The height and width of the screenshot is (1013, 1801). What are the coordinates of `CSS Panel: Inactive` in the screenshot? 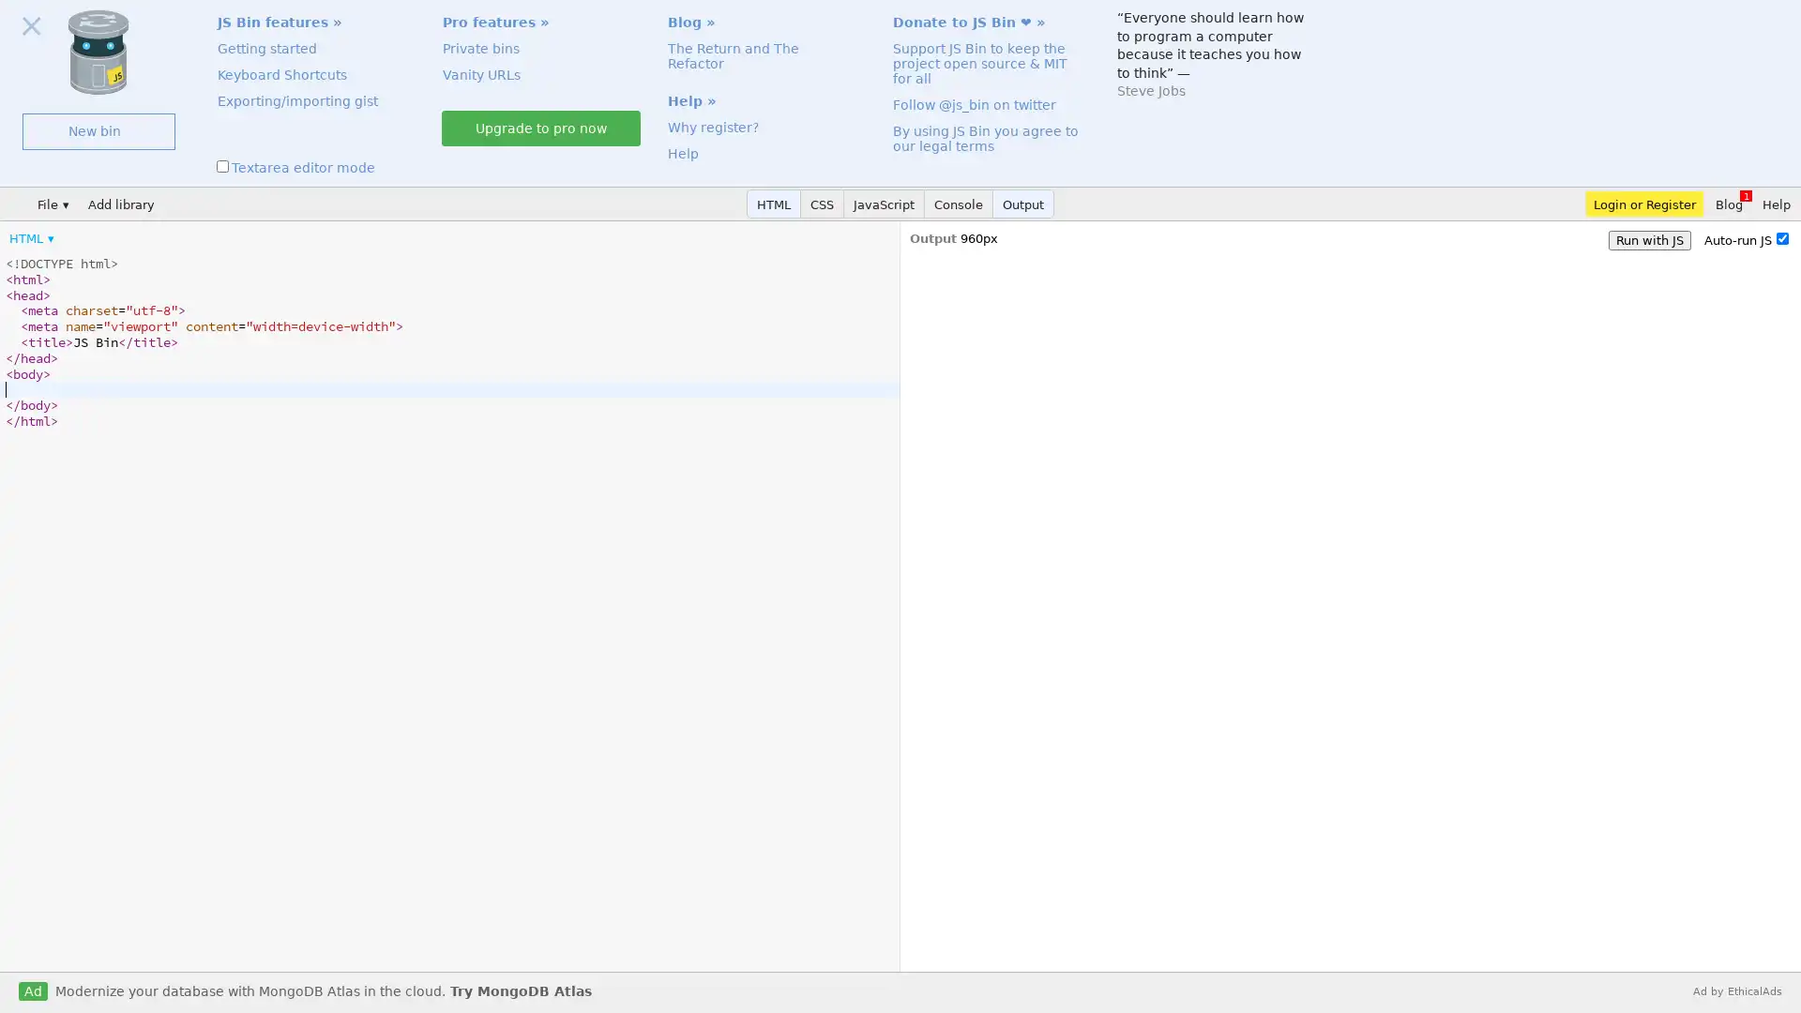 It's located at (823, 204).